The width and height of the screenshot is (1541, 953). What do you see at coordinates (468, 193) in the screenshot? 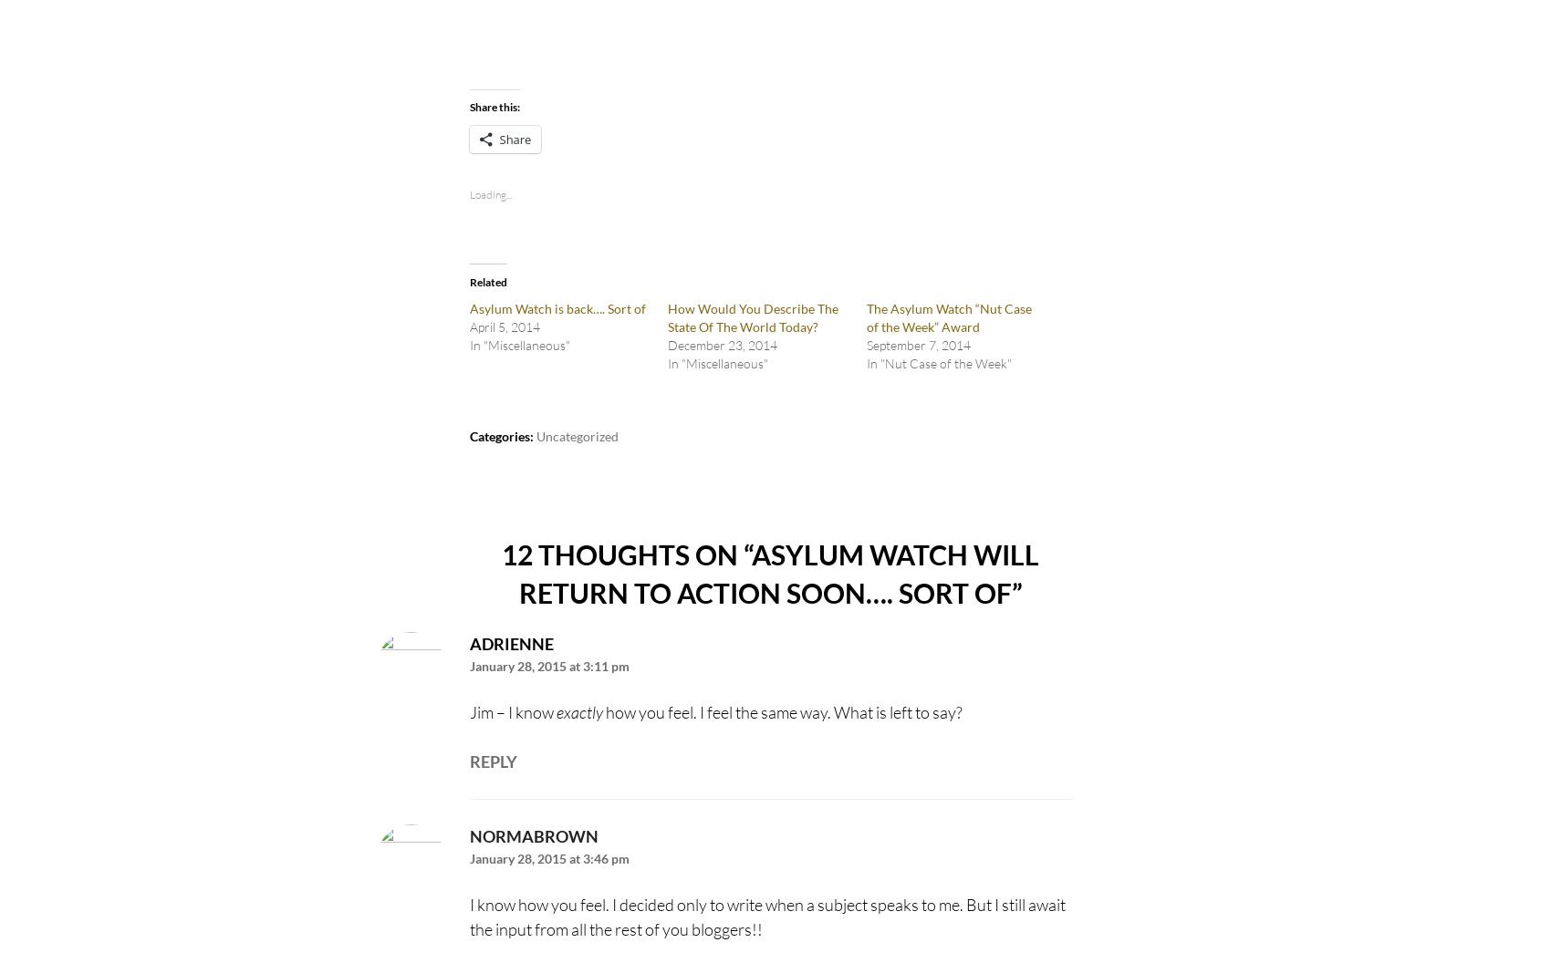
I see `'Loading...'` at bounding box center [468, 193].